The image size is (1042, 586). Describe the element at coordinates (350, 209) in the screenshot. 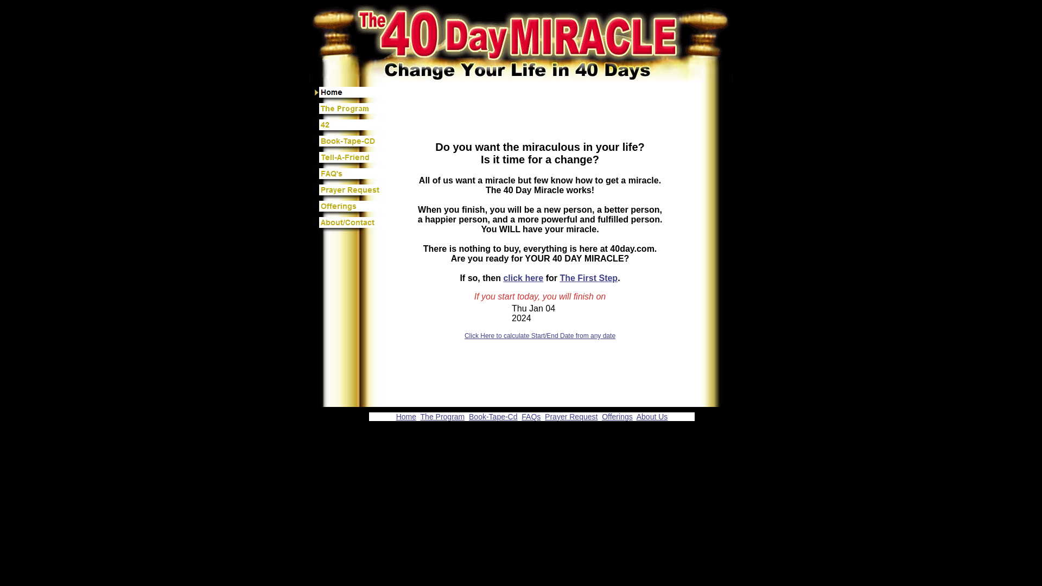

I see `'Offerings'` at that location.